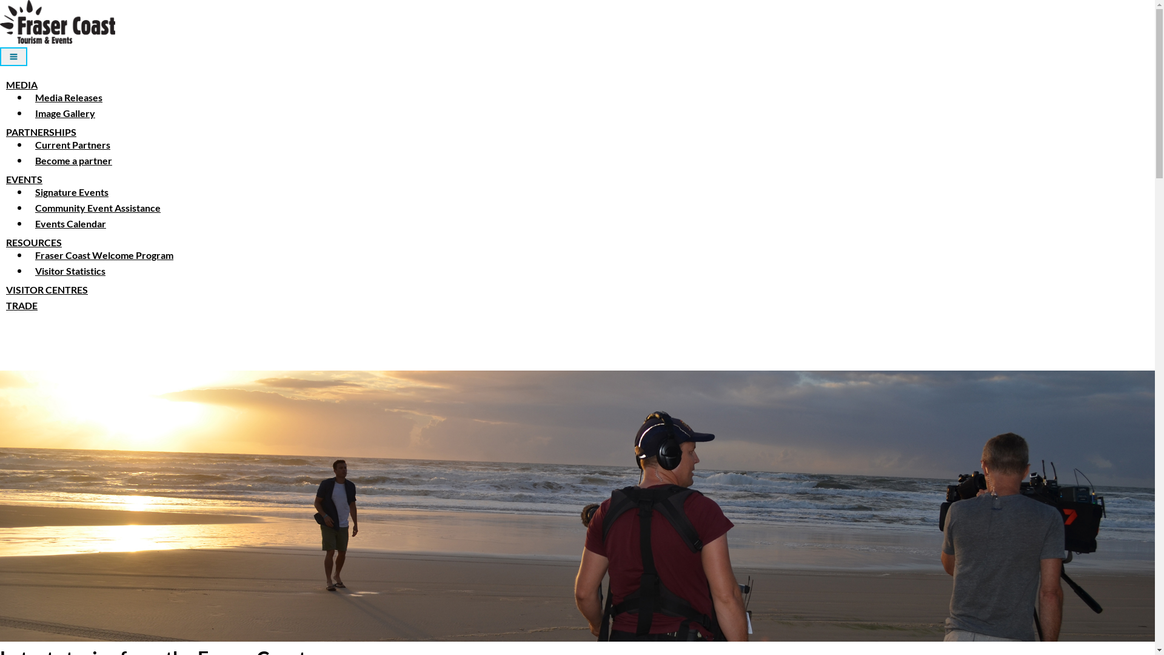 Image resolution: width=1164 pixels, height=655 pixels. I want to click on 'EVENTS', so click(0, 179).